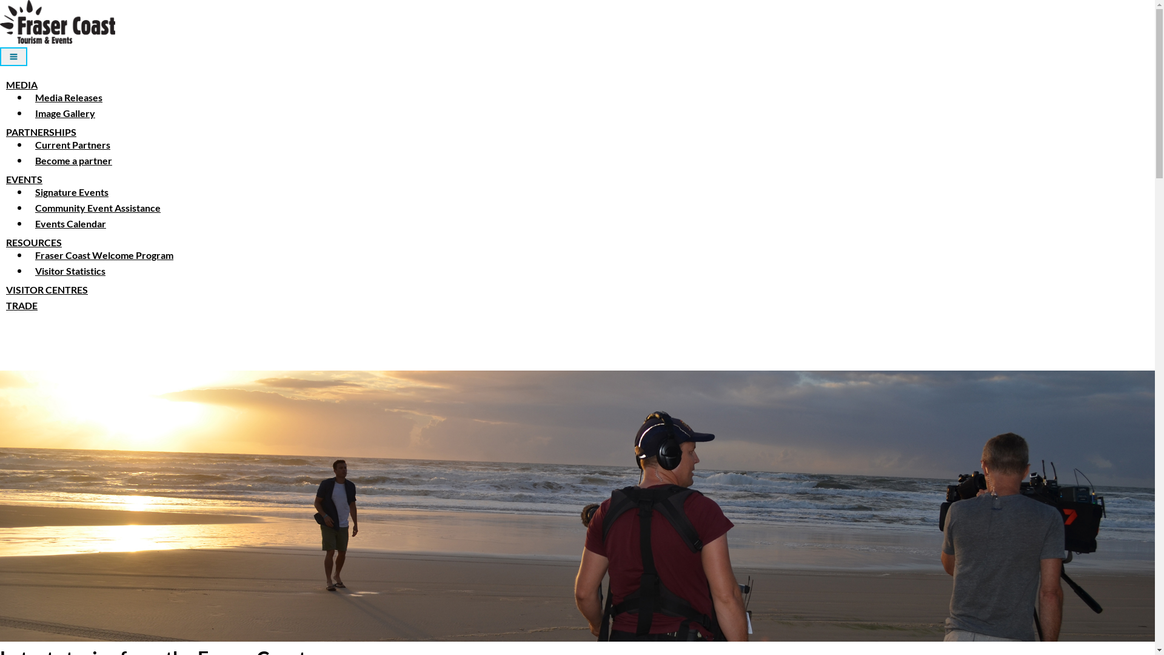 Image resolution: width=1164 pixels, height=655 pixels. I want to click on 'EVENTS', so click(0, 179).